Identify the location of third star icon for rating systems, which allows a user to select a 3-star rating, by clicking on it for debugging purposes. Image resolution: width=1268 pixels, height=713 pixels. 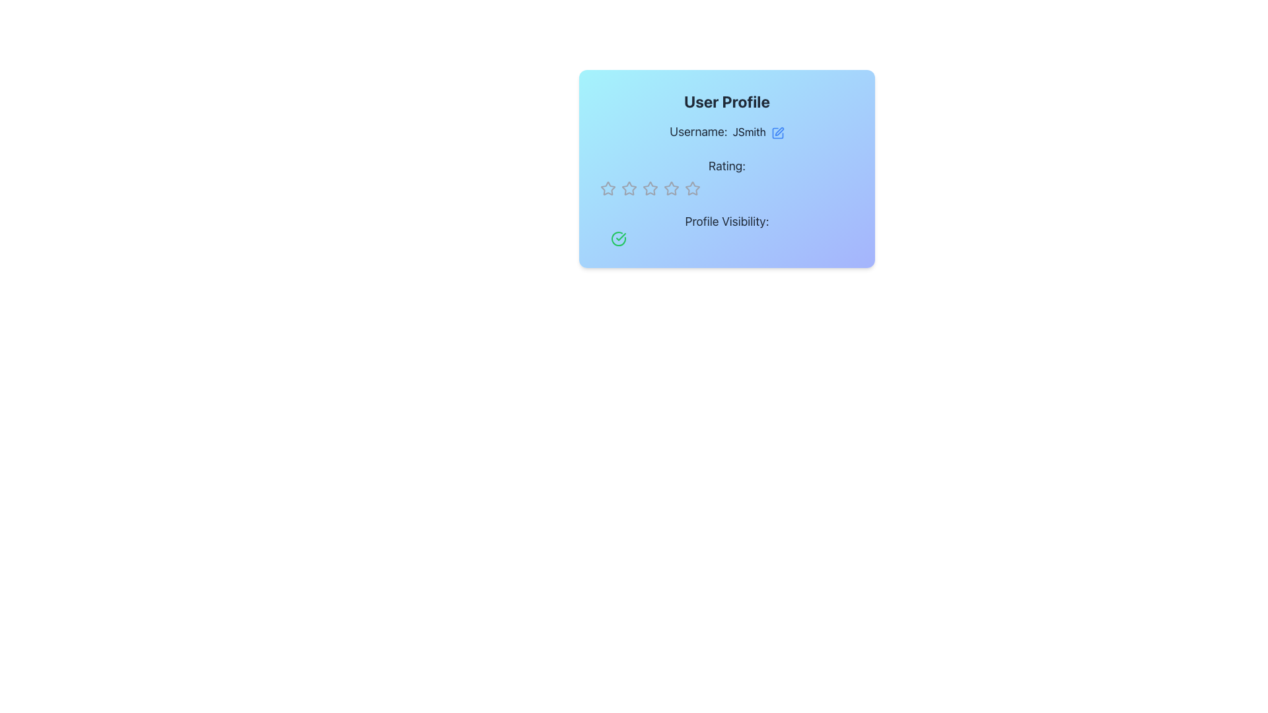
(691, 188).